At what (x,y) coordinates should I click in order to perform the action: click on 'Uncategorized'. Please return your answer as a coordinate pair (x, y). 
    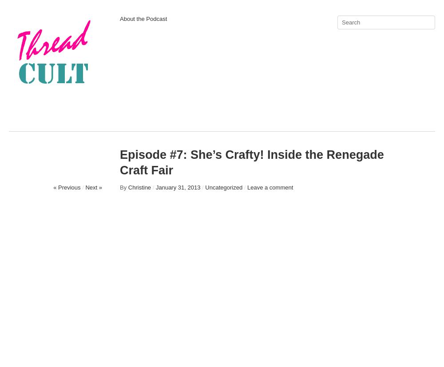
    Looking at the image, I should click on (205, 187).